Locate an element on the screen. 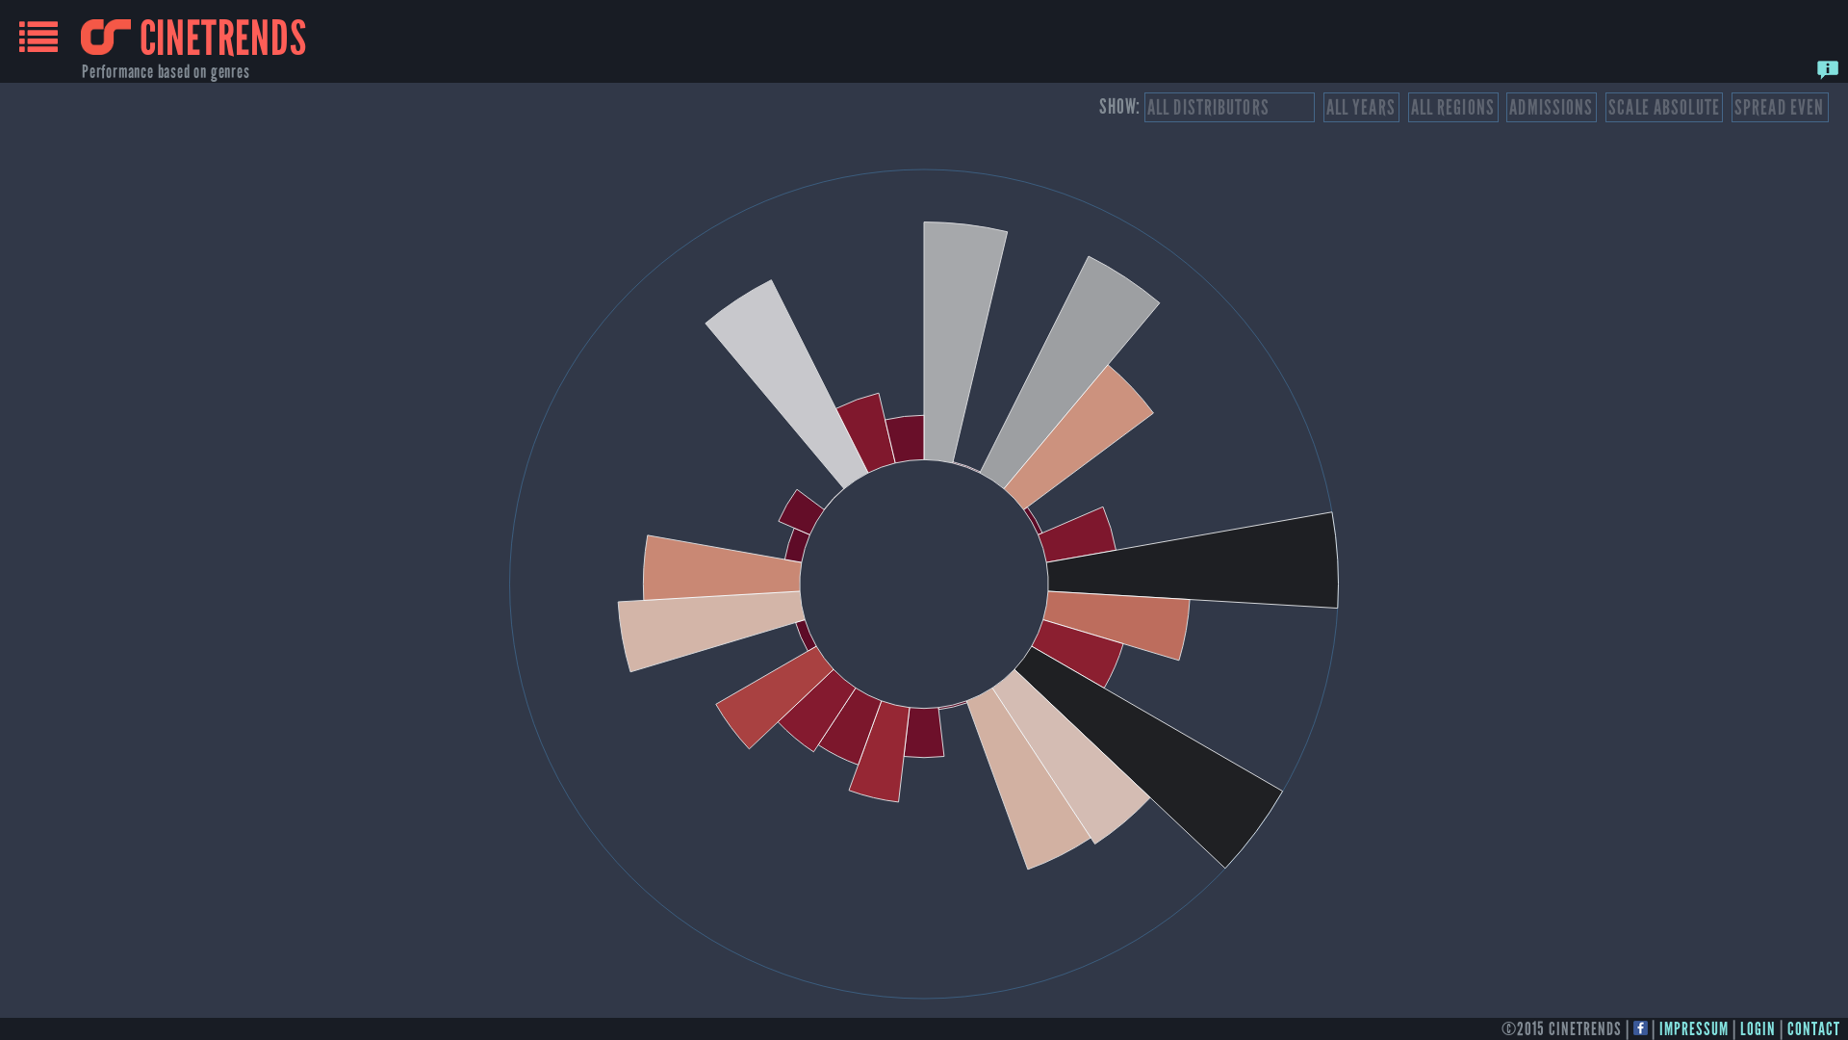 The height and width of the screenshot is (1040, 1848). 'CINETRENDS' is located at coordinates (193, 38).